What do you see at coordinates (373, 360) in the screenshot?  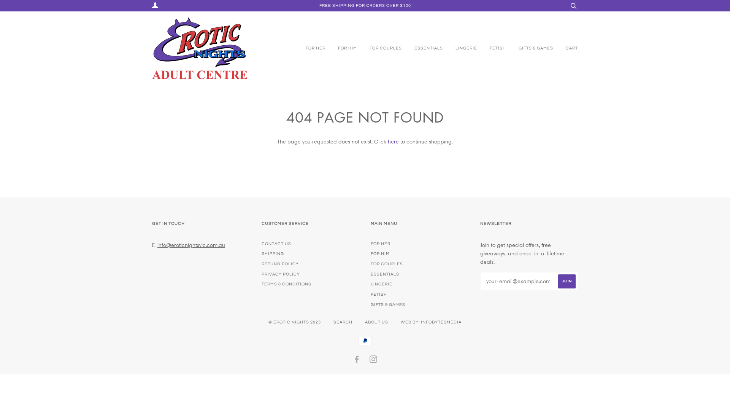 I see `'INSTAGRAM'` at bounding box center [373, 360].